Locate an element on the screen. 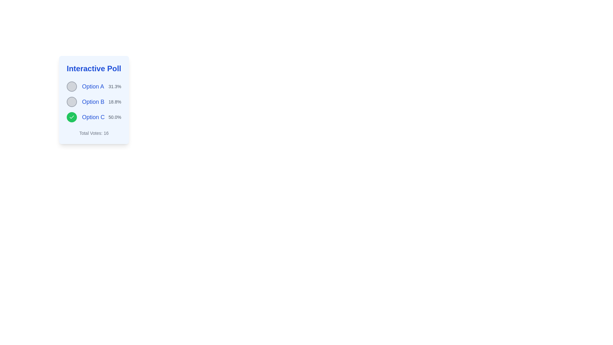 This screenshot has width=613, height=345. the icon indicating the selected option 'Option C' in the Interactive Poll is located at coordinates (72, 117).